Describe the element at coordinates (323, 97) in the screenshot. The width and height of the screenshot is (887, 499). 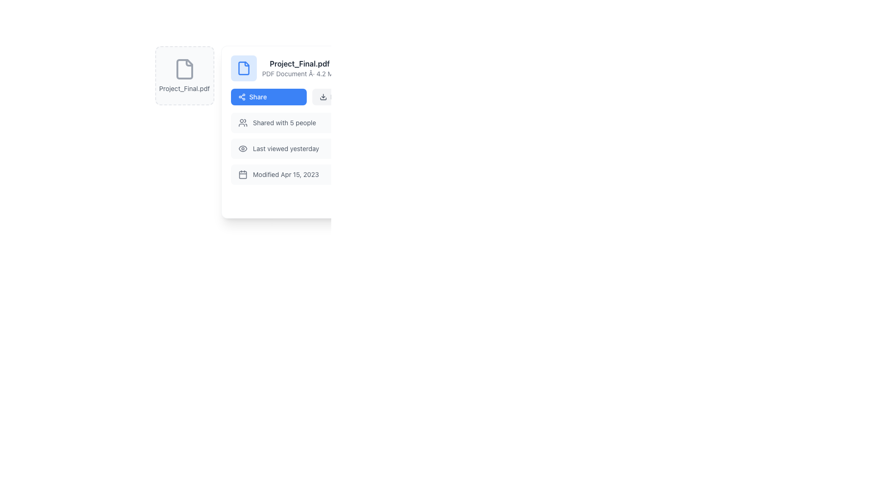
I see `the download icon located within the 'Download' button, which has a light gray background and is positioned below the blue 'Share' button` at that location.